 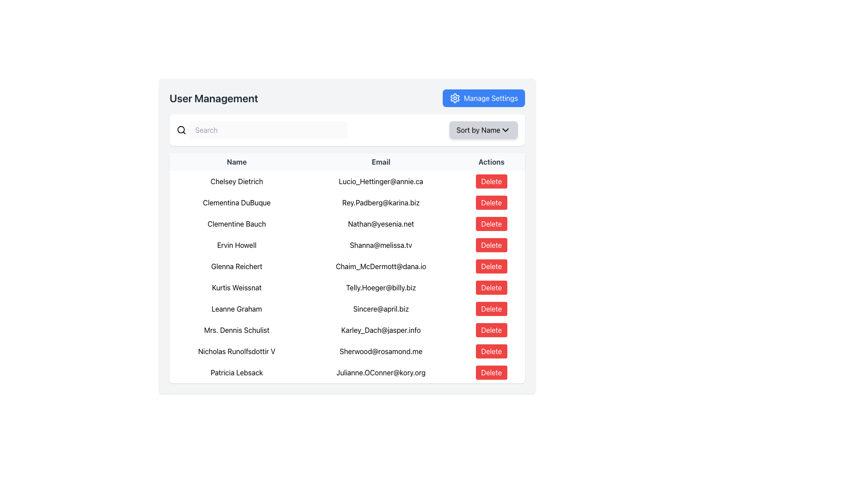 I want to click on the 'Delete' button for user 'Lucio_Hettinger@annie.ca' in the user management table, so click(x=491, y=181).